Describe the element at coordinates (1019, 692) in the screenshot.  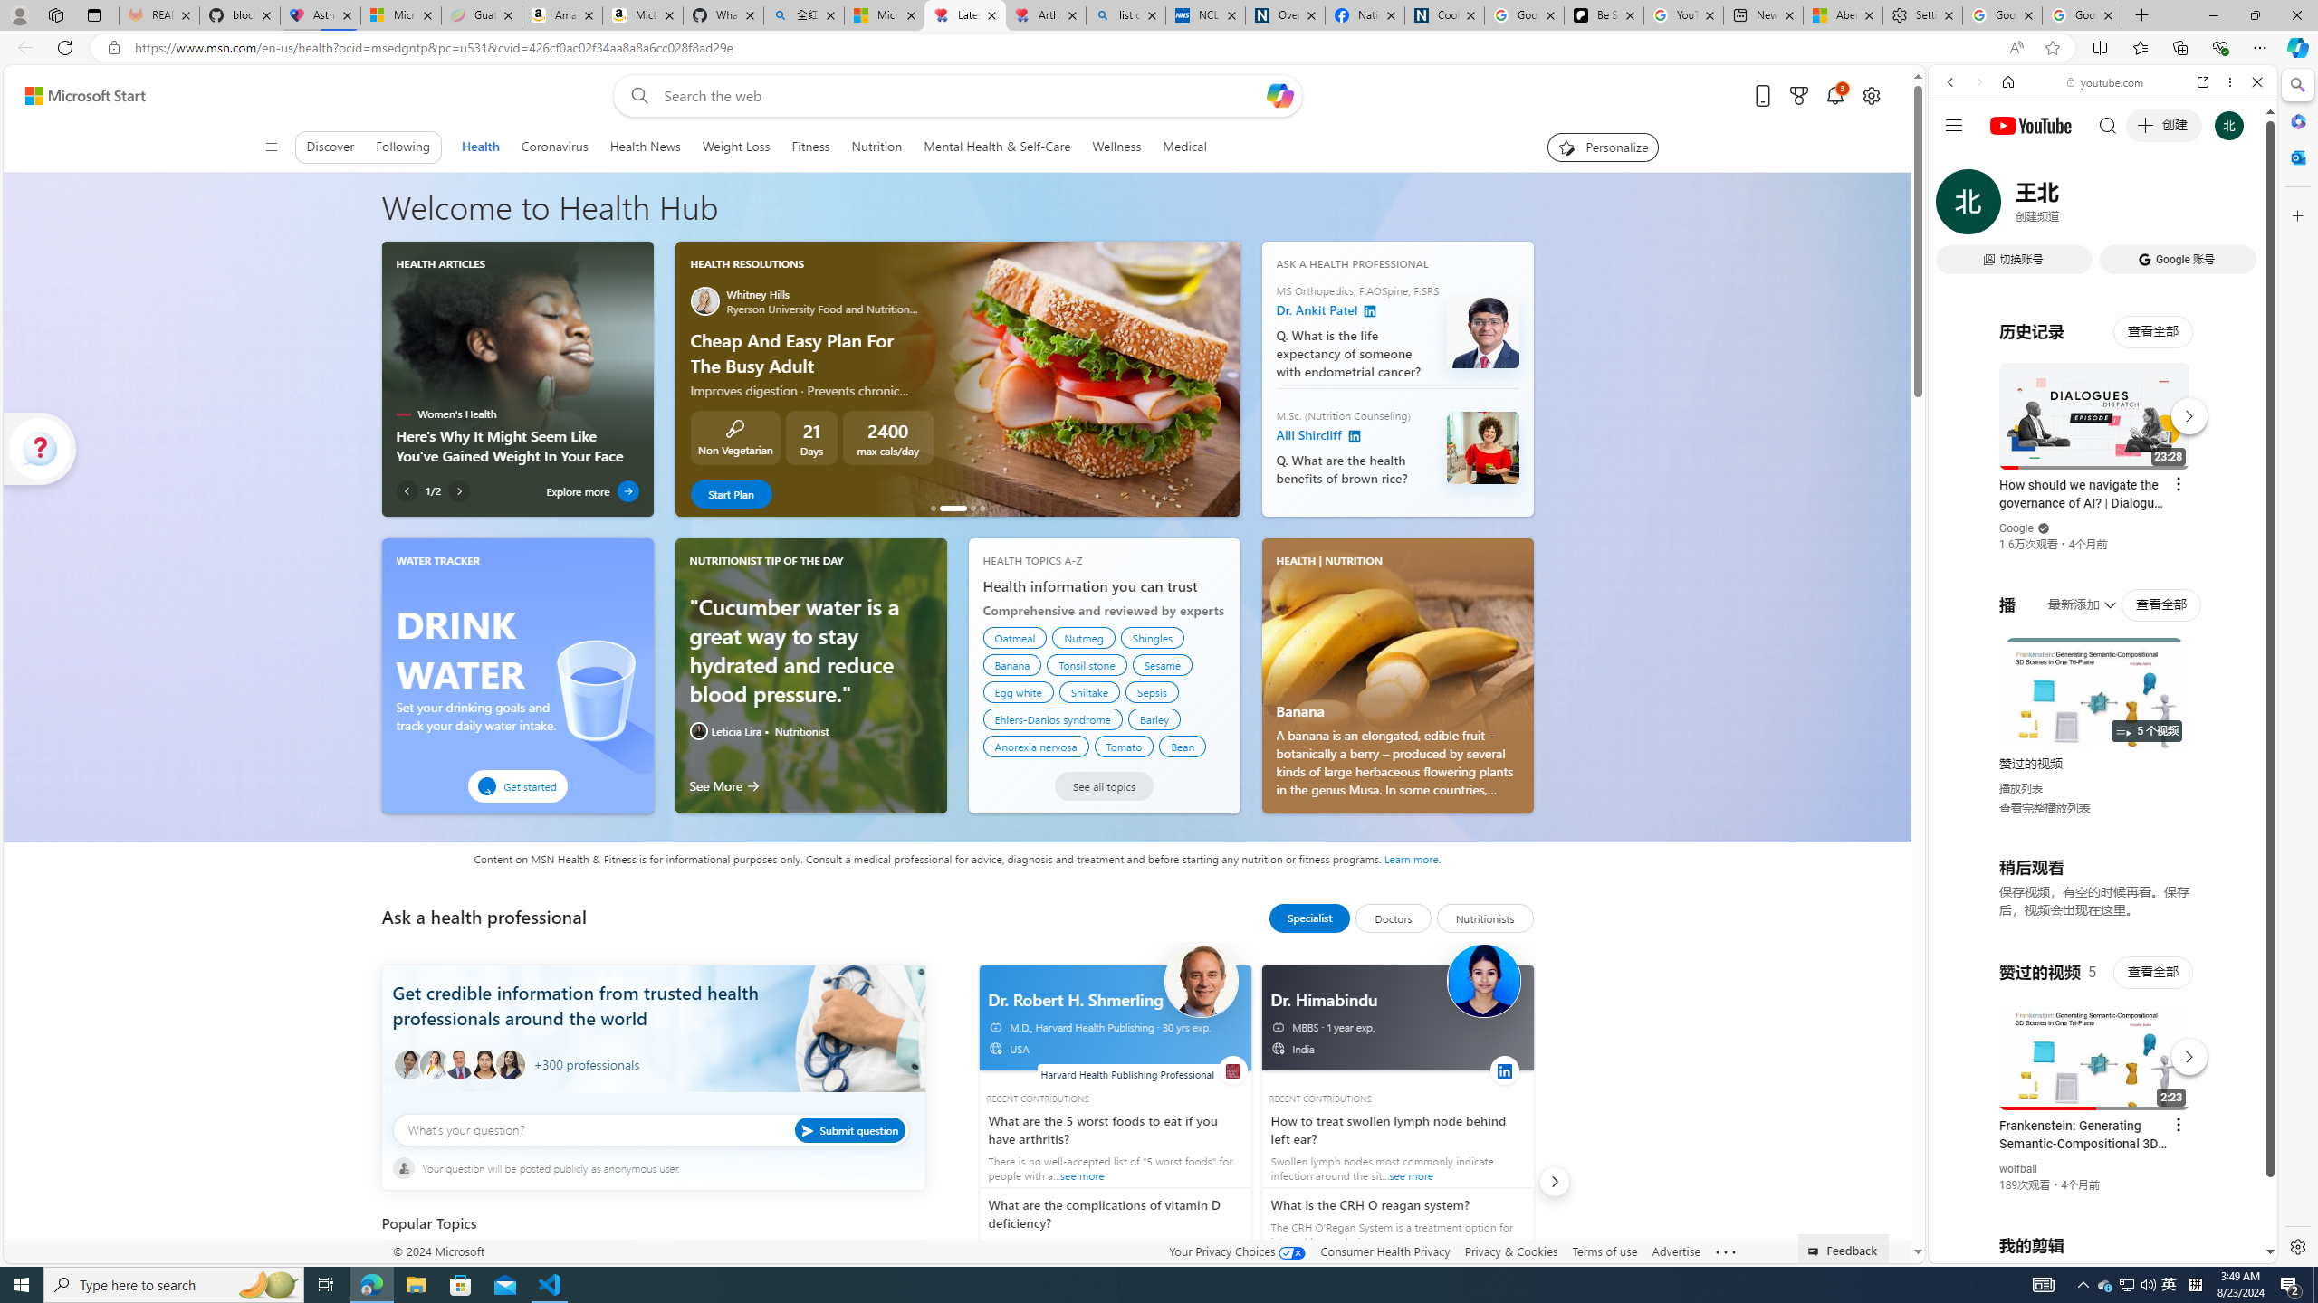
I see `'Egg white'` at that location.